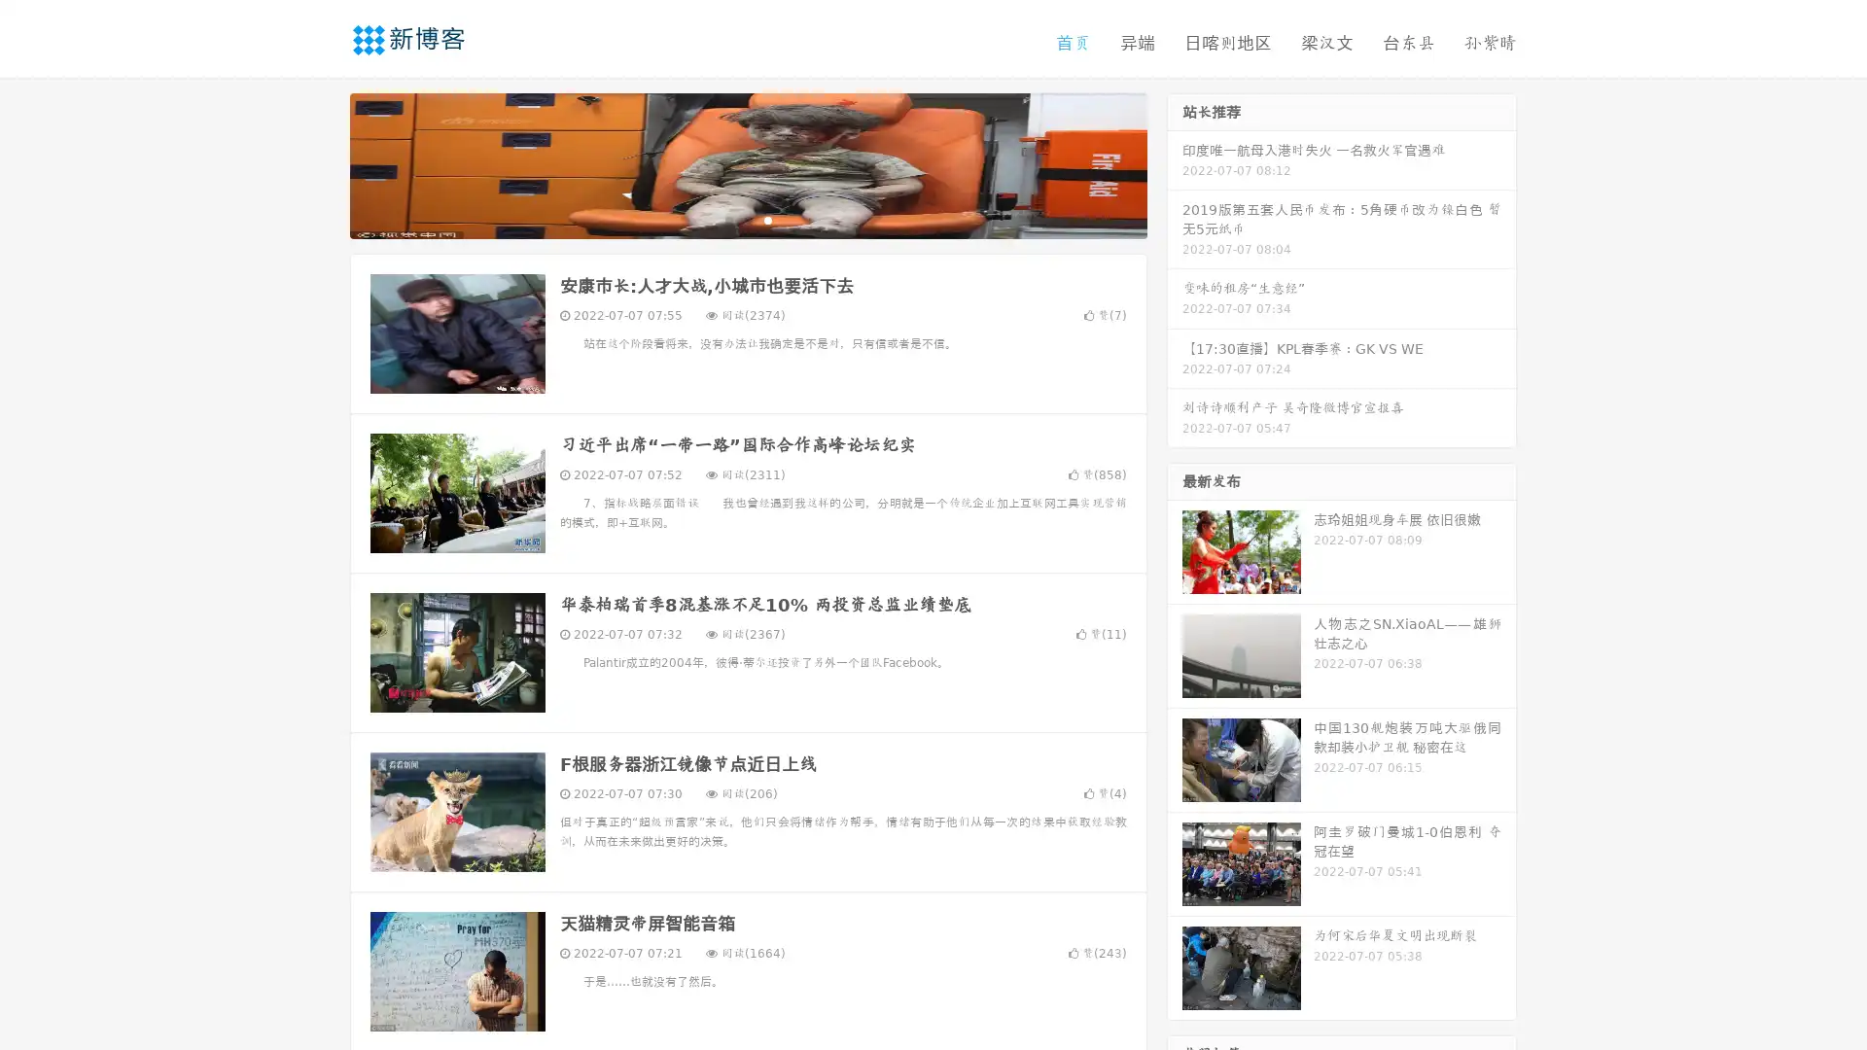 The height and width of the screenshot is (1050, 1867). What do you see at coordinates (747, 219) in the screenshot?
I see `Go to slide 2` at bounding box center [747, 219].